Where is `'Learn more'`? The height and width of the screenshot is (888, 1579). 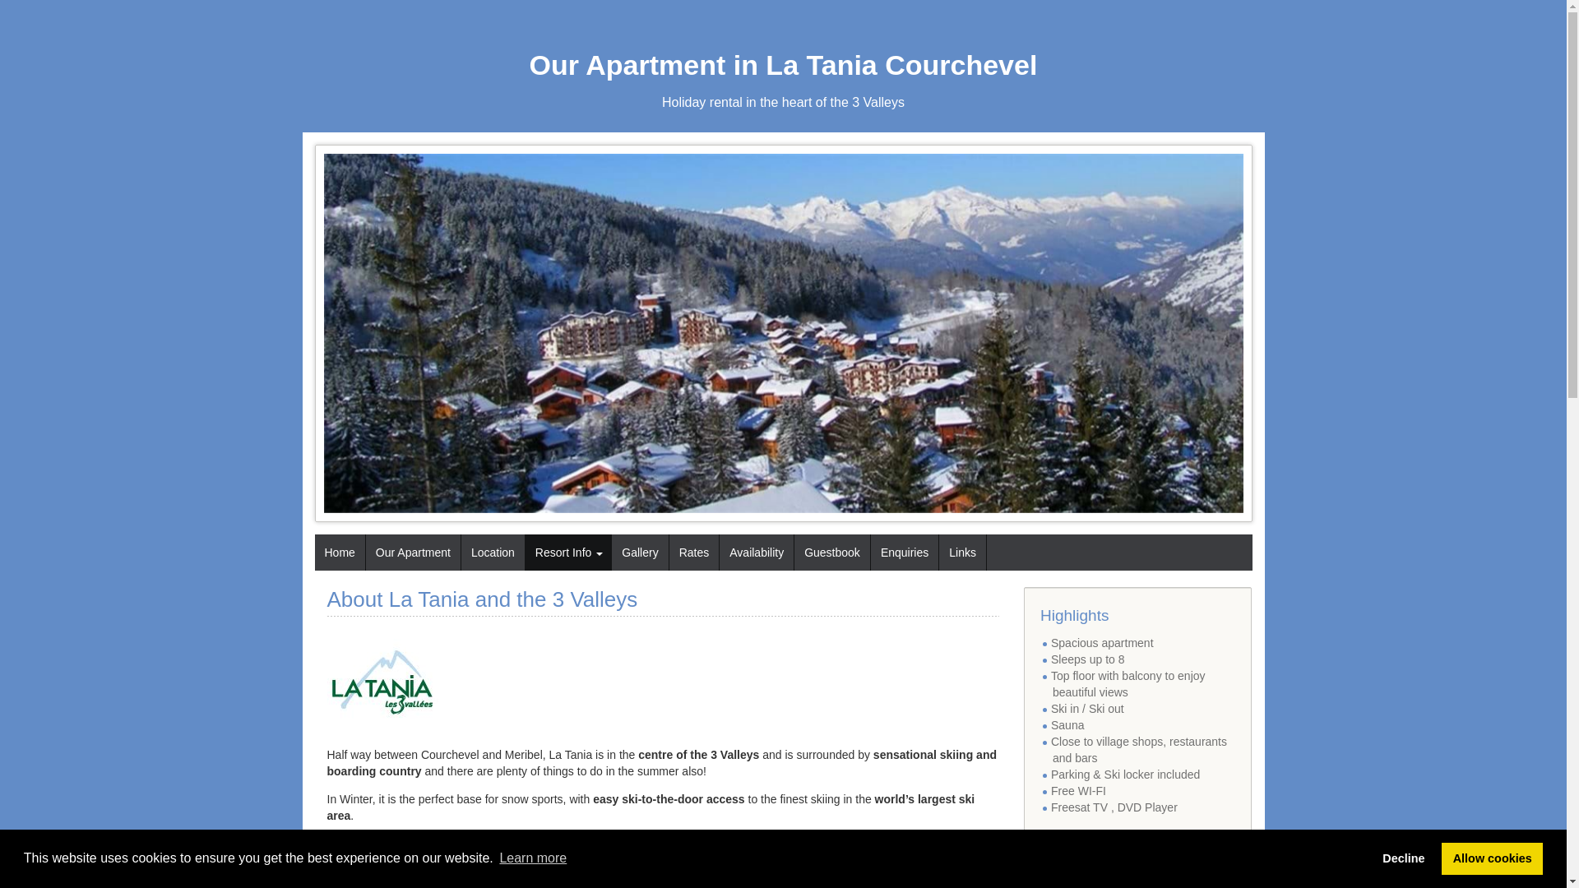 'Learn more' is located at coordinates (496, 858).